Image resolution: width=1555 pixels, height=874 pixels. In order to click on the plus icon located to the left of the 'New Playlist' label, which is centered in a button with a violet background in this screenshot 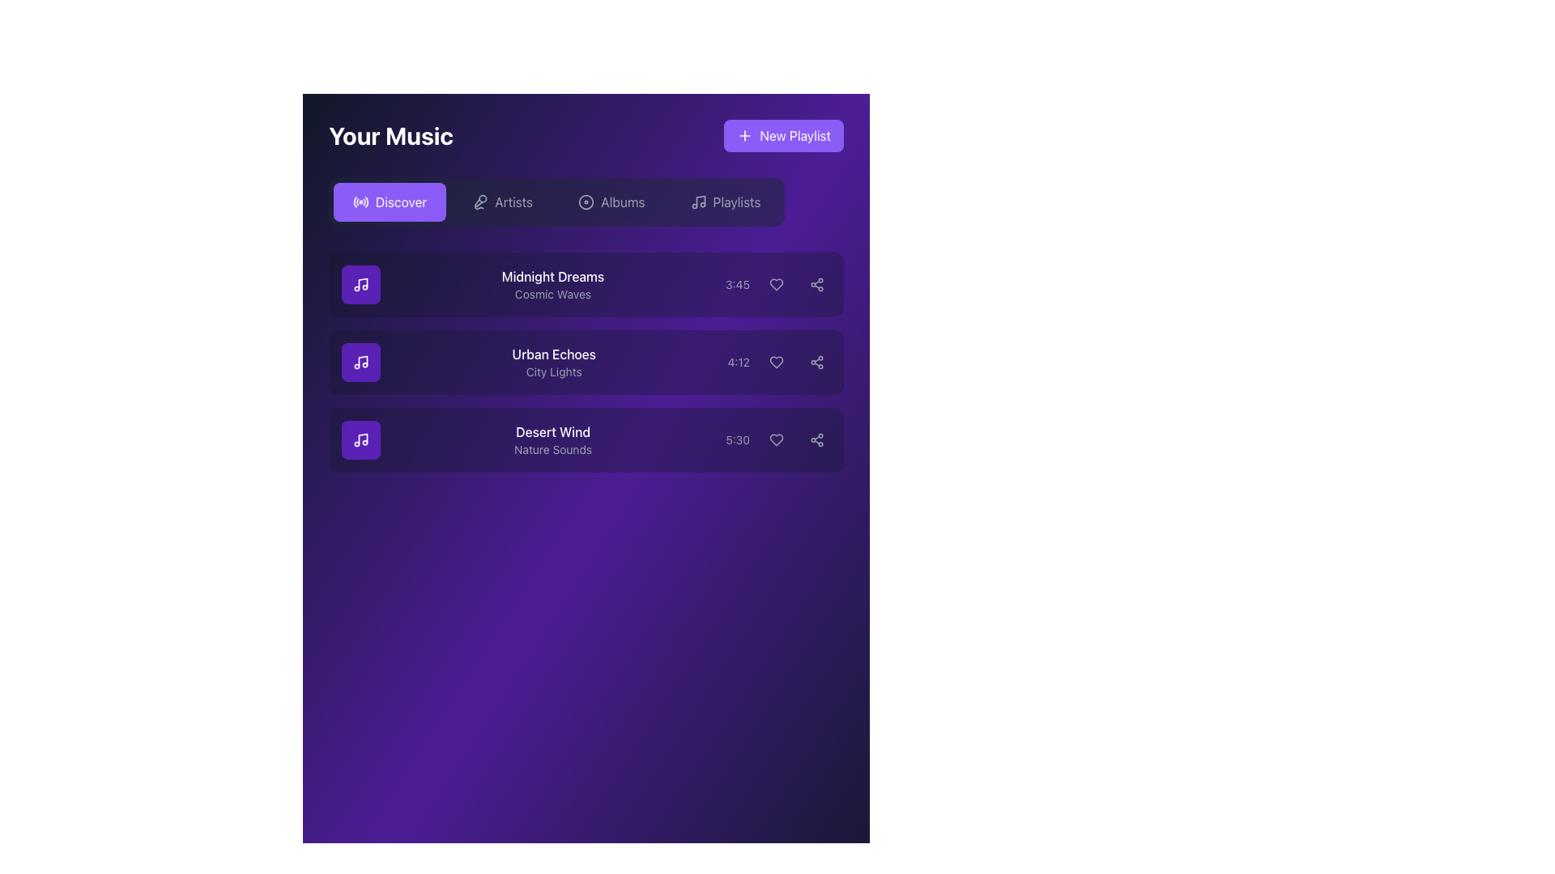, I will do `click(744, 135)`.